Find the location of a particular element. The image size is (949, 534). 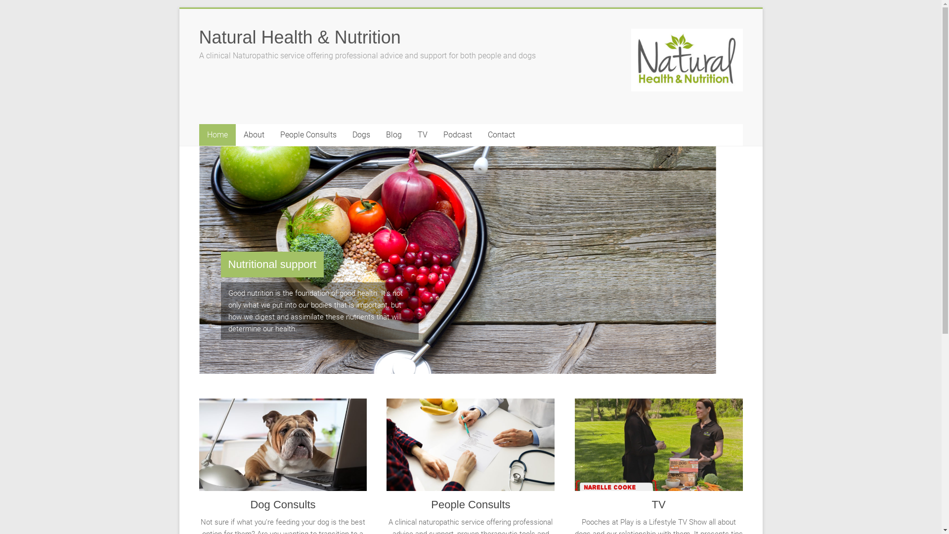

'Dog Consults' is located at coordinates (282, 504).